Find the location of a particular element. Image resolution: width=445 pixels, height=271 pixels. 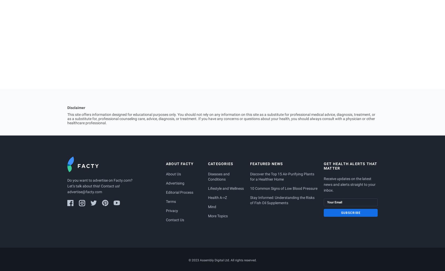

'Lifestyle and Wellness' is located at coordinates (226, 188).